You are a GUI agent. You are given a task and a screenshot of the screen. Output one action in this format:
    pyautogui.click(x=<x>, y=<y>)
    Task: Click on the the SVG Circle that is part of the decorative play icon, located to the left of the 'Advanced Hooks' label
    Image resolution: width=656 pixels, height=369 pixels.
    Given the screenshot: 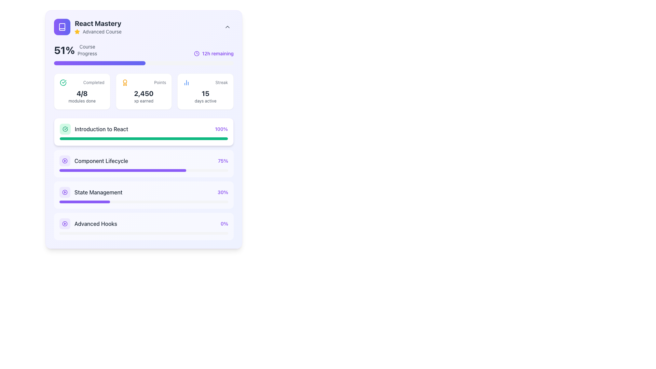 What is the action you would take?
    pyautogui.click(x=65, y=224)
    